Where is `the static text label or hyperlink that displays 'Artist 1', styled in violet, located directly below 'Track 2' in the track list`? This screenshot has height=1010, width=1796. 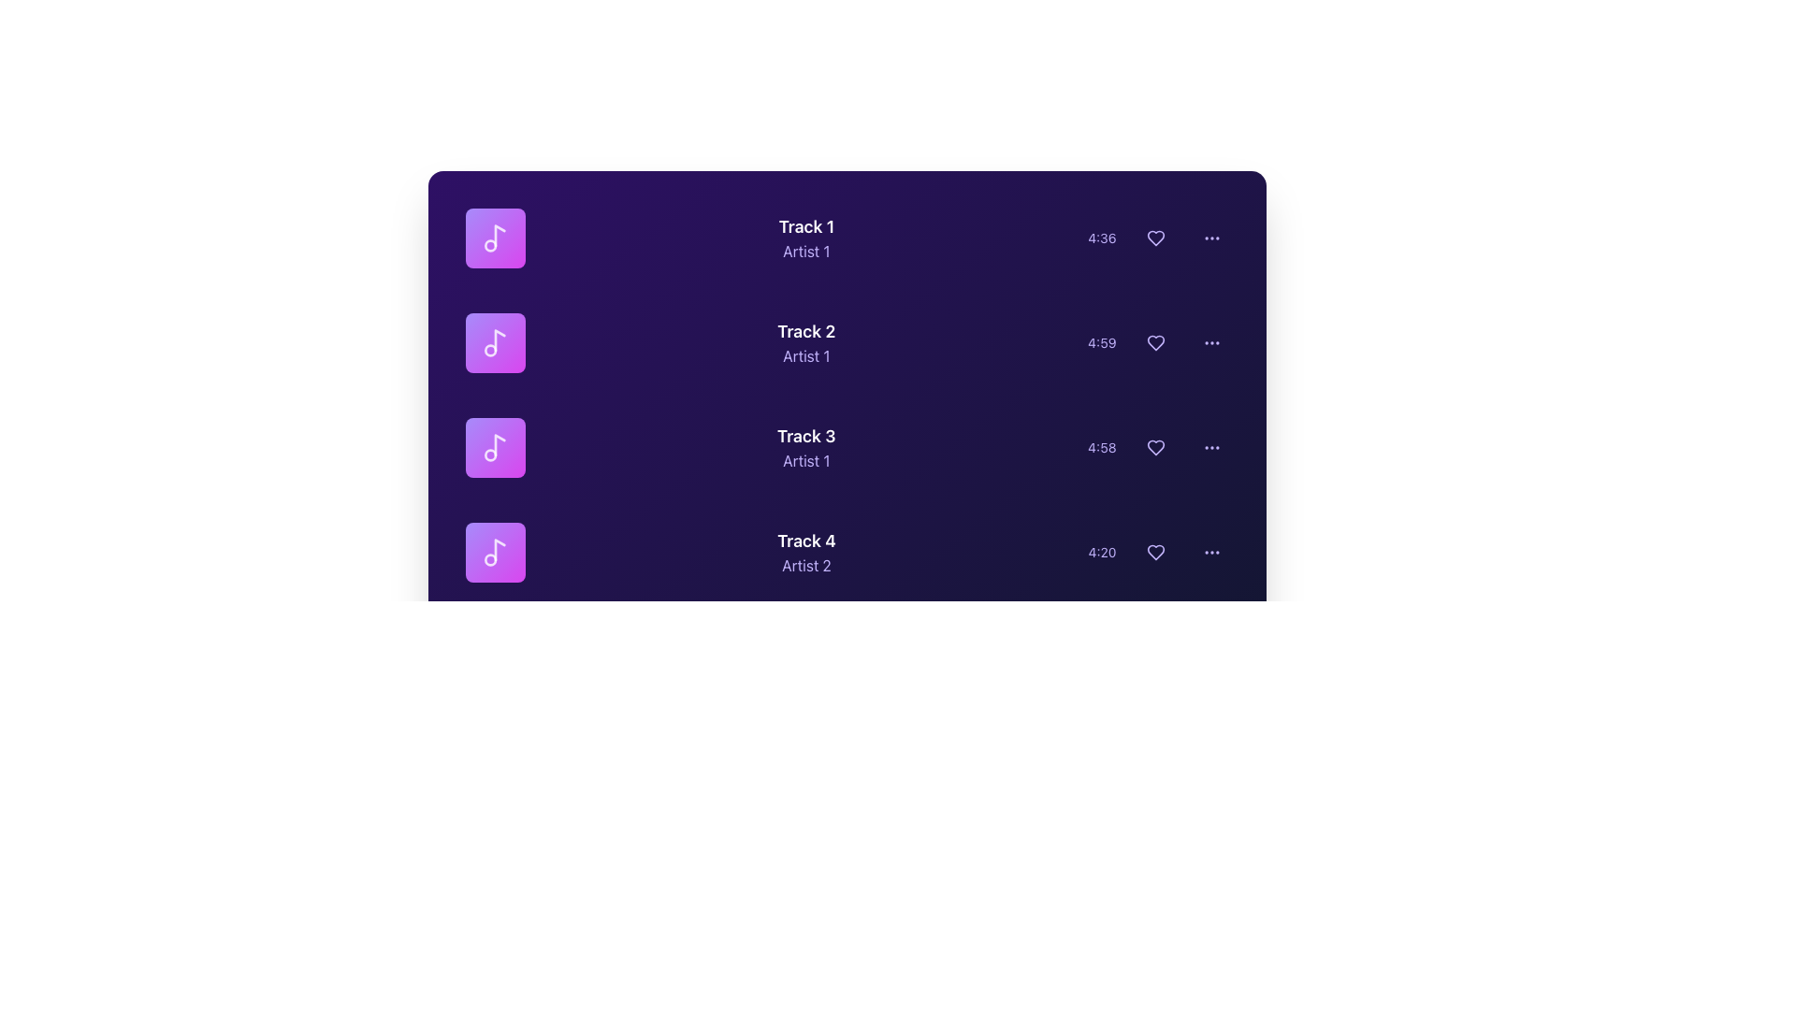
the static text label or hyperlink that displays 'Artist 1', styled in violet, located directly below 'Track 2' in the track list is located at coordinates (806, 356).